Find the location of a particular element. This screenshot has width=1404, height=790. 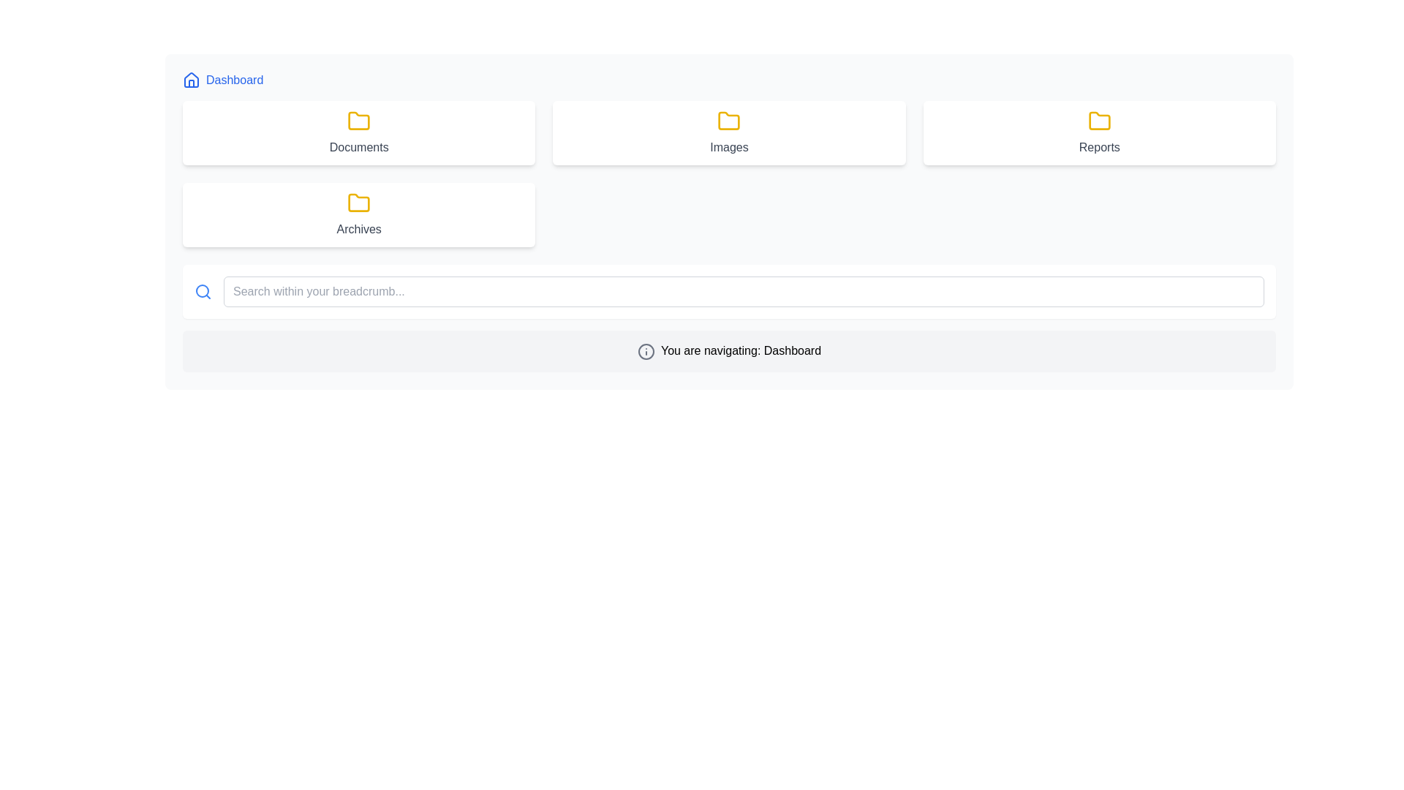

the home button icon located in the top-left corner preceding the label 'Dashboard' is located at coordinates (191, 80).